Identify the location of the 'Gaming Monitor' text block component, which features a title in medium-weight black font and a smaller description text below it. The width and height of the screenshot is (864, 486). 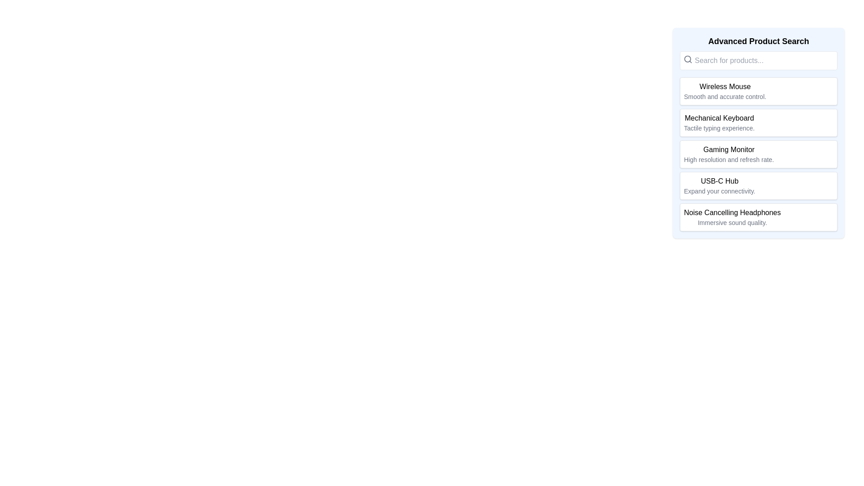
(729, 154).